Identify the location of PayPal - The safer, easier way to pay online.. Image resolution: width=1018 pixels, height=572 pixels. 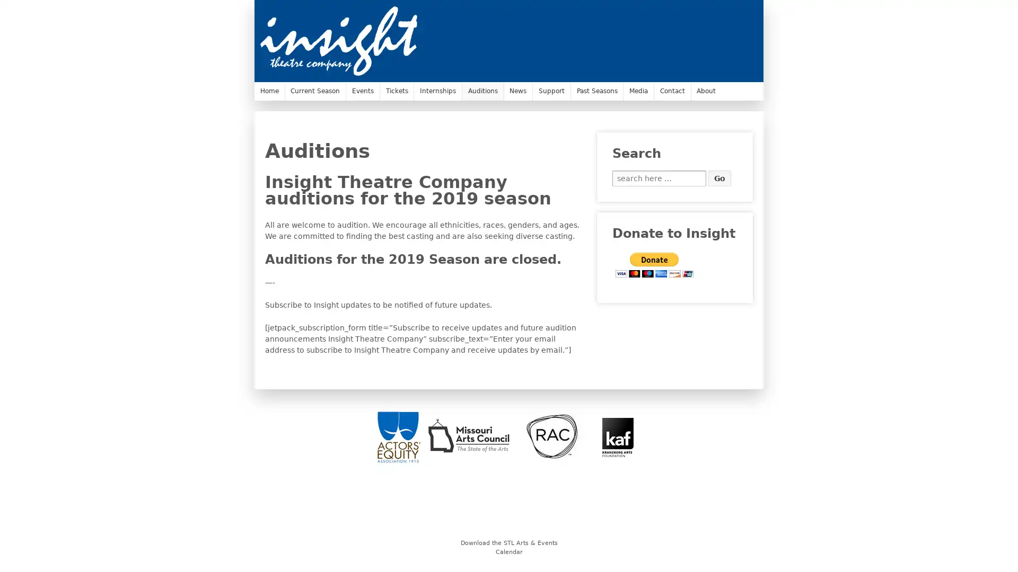
(653, 264).